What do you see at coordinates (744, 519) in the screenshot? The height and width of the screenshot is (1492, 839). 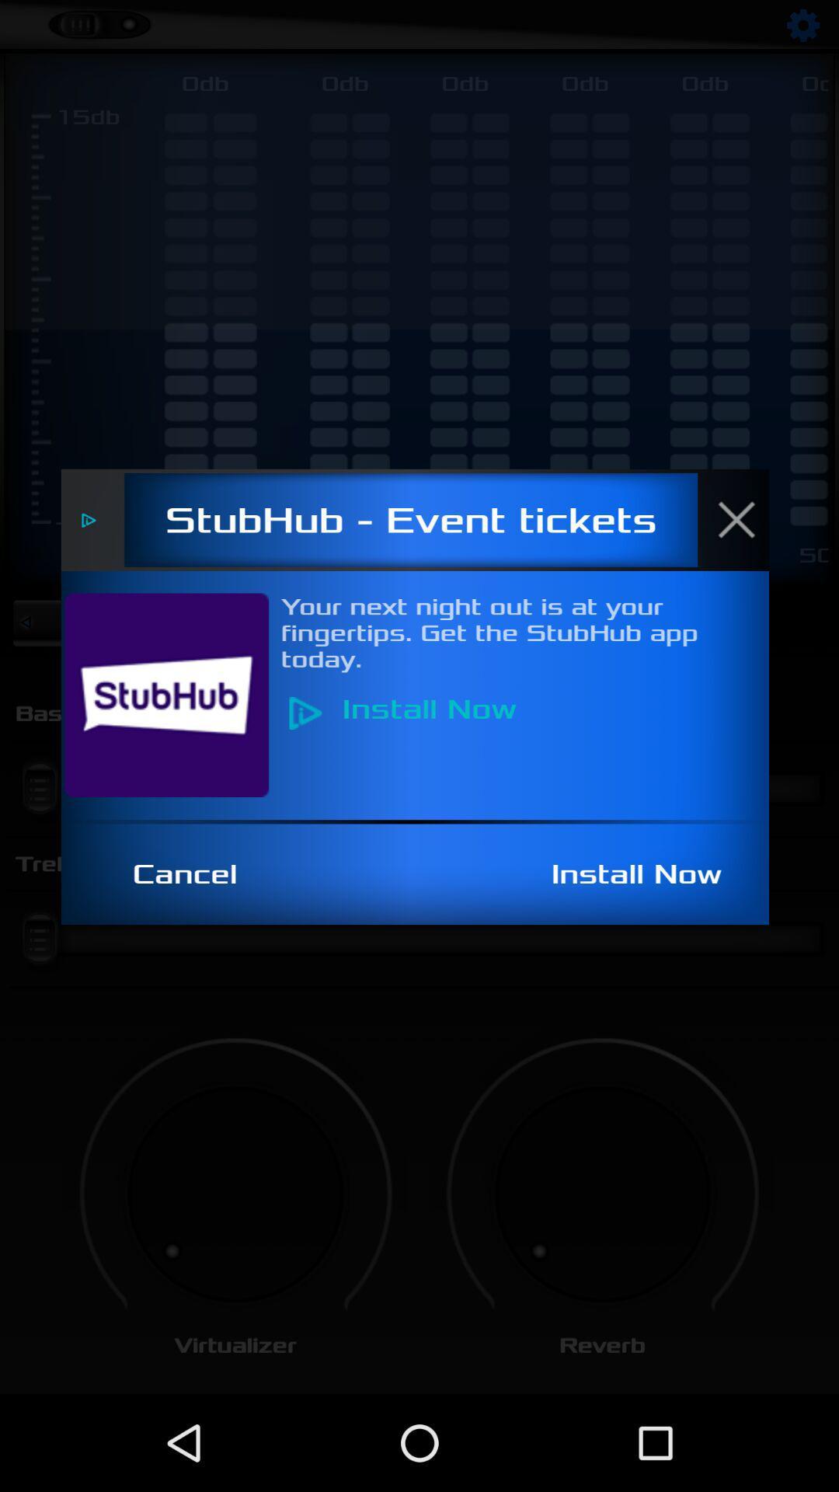 I see `the close icon` at bounding box center [744, 519].